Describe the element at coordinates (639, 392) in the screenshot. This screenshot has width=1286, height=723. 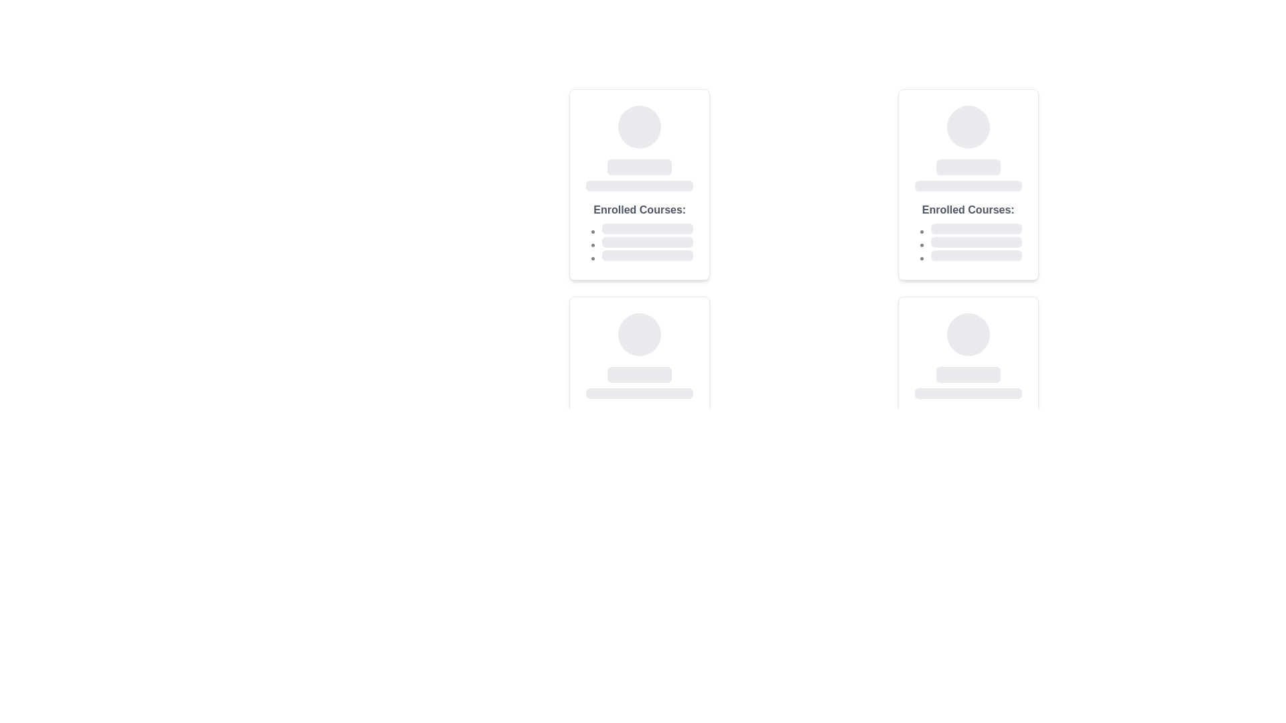
I see `the user profile summary card located in the bottom-left section of the grid layout` at that location.